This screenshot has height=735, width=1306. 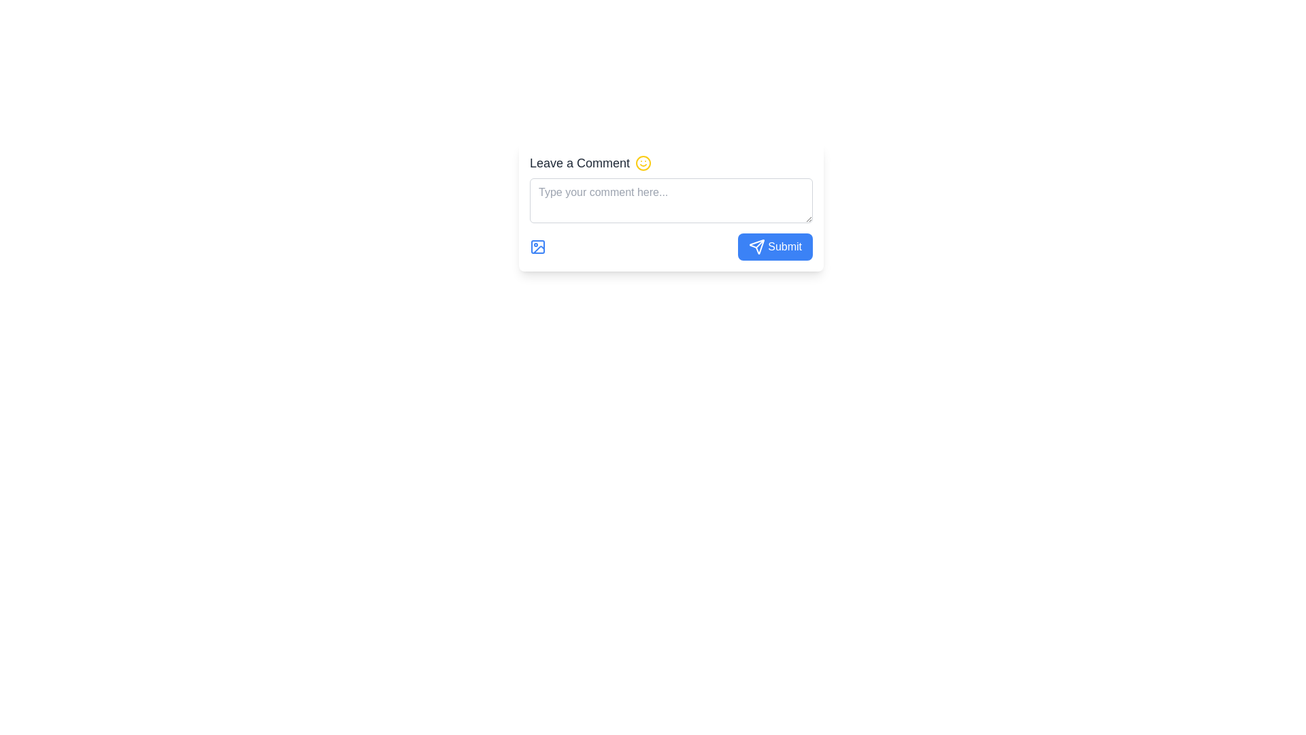 I want to click on the smiley face SVG icon, which is visually distinct with a yellow color and located to the right of the 'Leave a Comment' text, above the input box for comments, so click(x=643, y=162).